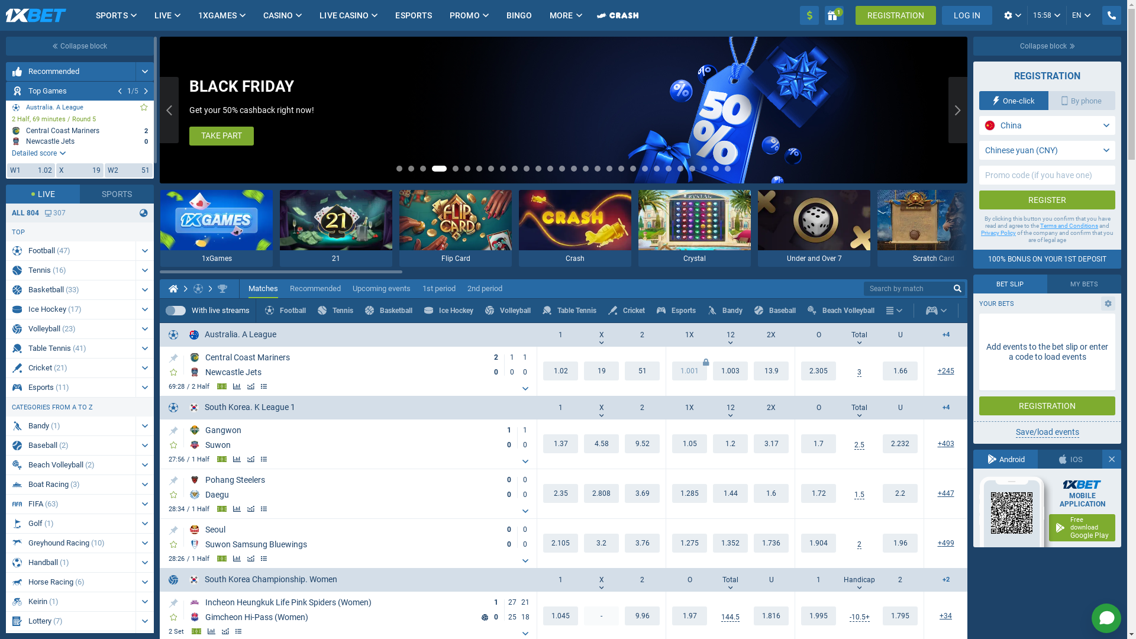 The height and width of the screenshot is (639, 1136). What do you see at coordinates (689, 443) in the screenshot?
I see `'1.05'` at bounding box center [689, 443].